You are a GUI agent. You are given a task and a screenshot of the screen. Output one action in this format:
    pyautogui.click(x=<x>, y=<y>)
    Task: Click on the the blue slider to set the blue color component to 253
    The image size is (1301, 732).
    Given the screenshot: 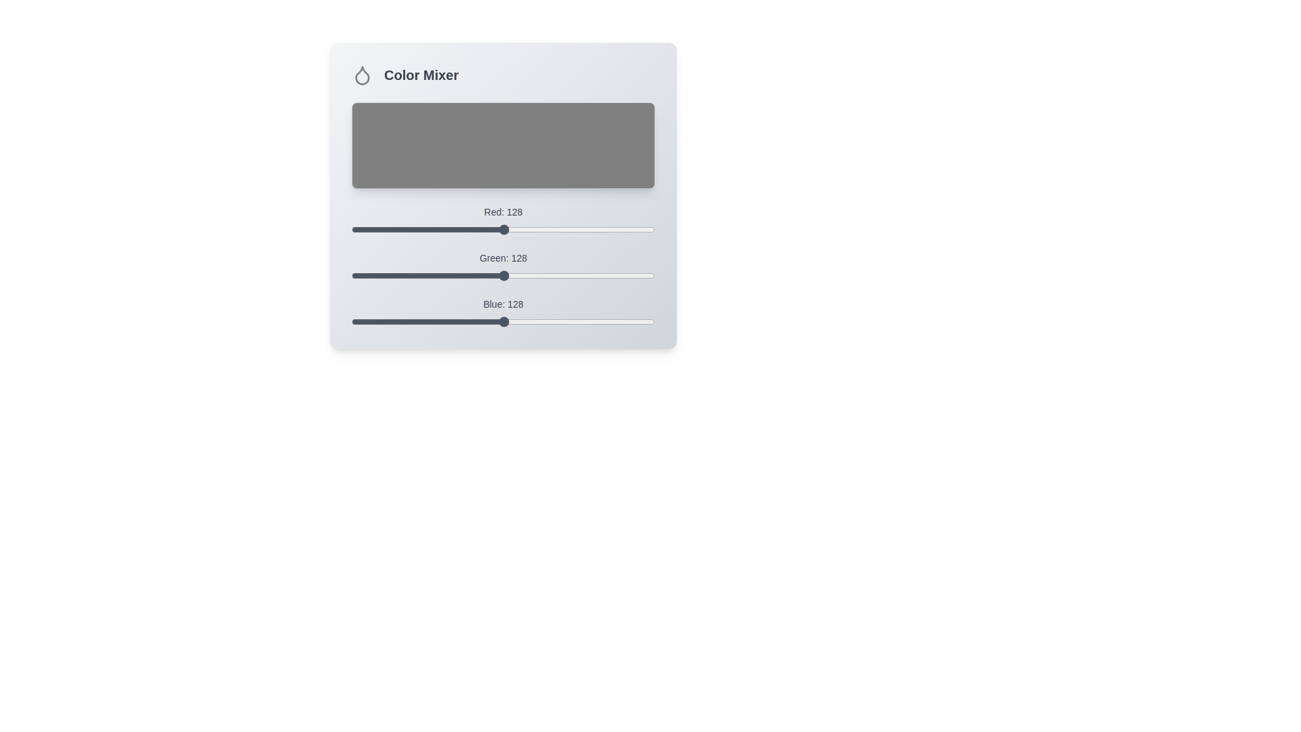 What is the action you would take?
    pyautogui.click(x=653, y=321)
    